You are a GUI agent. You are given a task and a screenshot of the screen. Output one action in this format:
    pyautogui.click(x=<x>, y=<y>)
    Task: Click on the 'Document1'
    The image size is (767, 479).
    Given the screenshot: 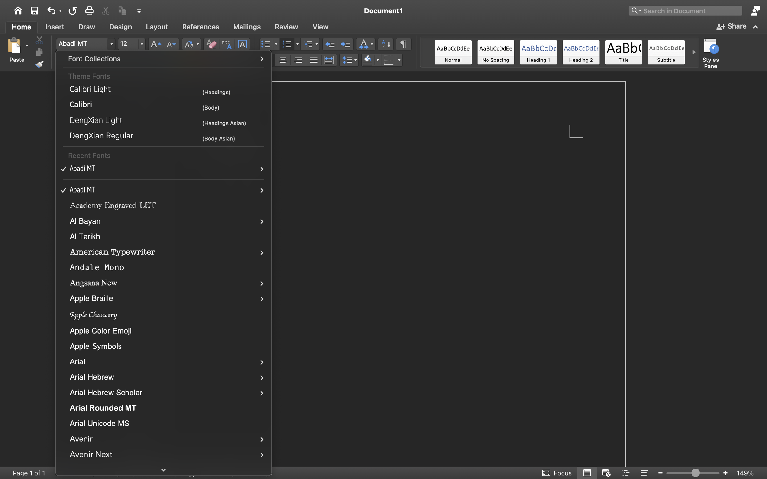 What is the action you would take?
    pyautogui.click(x=383, y=10)
    